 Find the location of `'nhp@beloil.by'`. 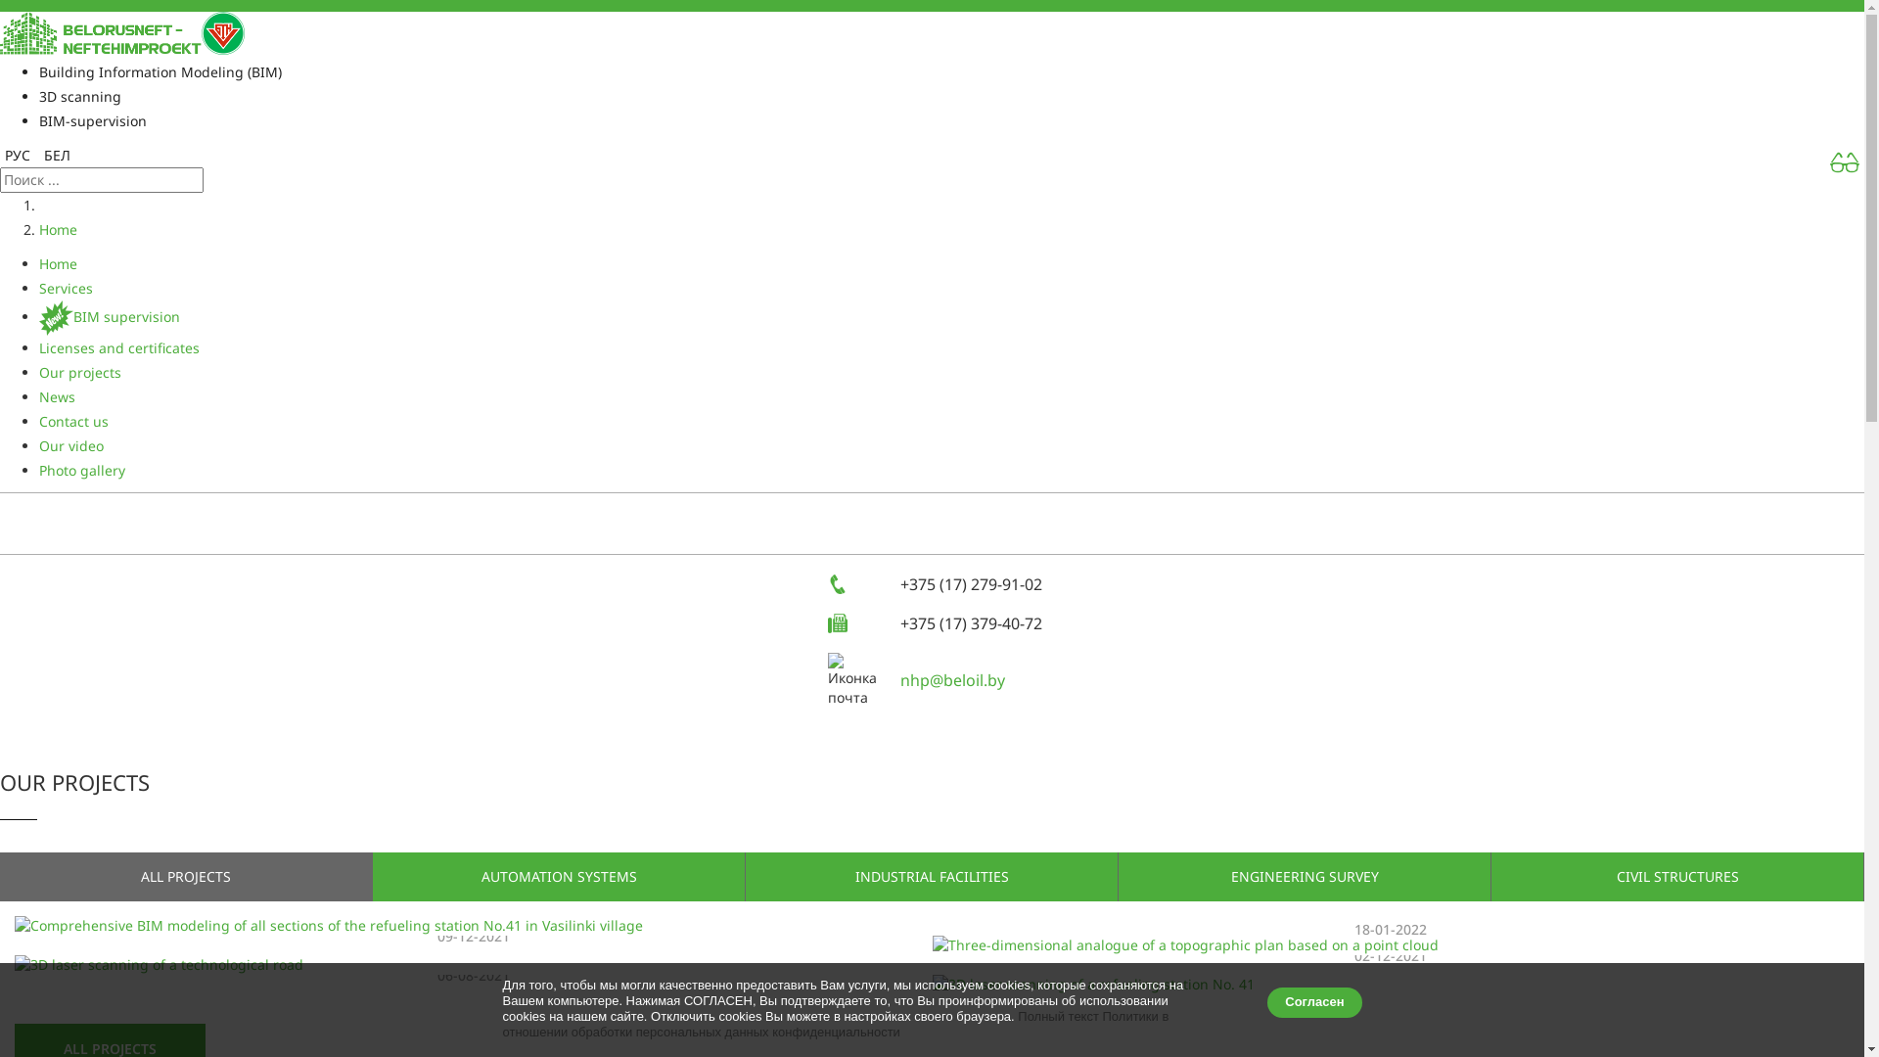

'nhp@beloil.by' is located at coordinates (899, 678).